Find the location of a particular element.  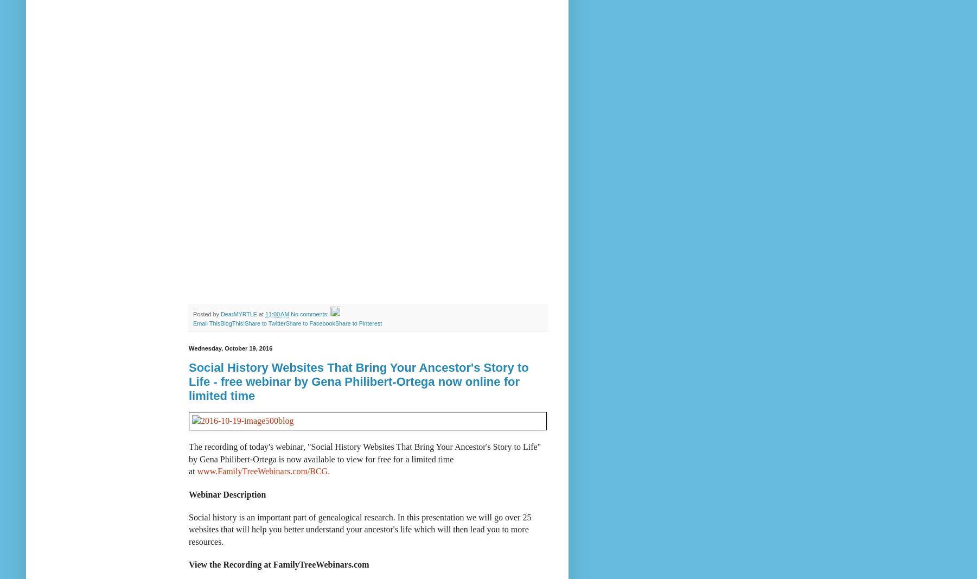

'Share to Pinterest' is located at coordinates (357, 323).